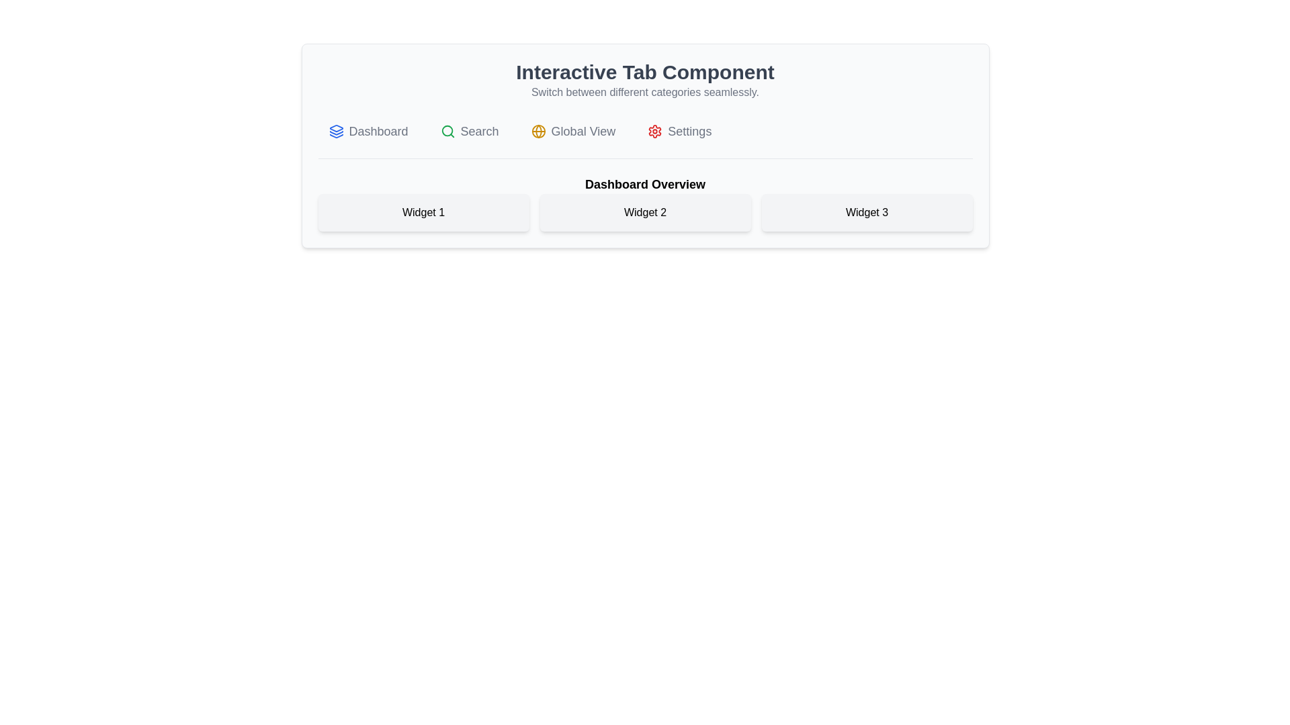  I want to click on the 'Search' text label, which is styled in gray and positioned next to a green search icon in the header section, following the 'Dashboard' menu item, so click(480, 132).